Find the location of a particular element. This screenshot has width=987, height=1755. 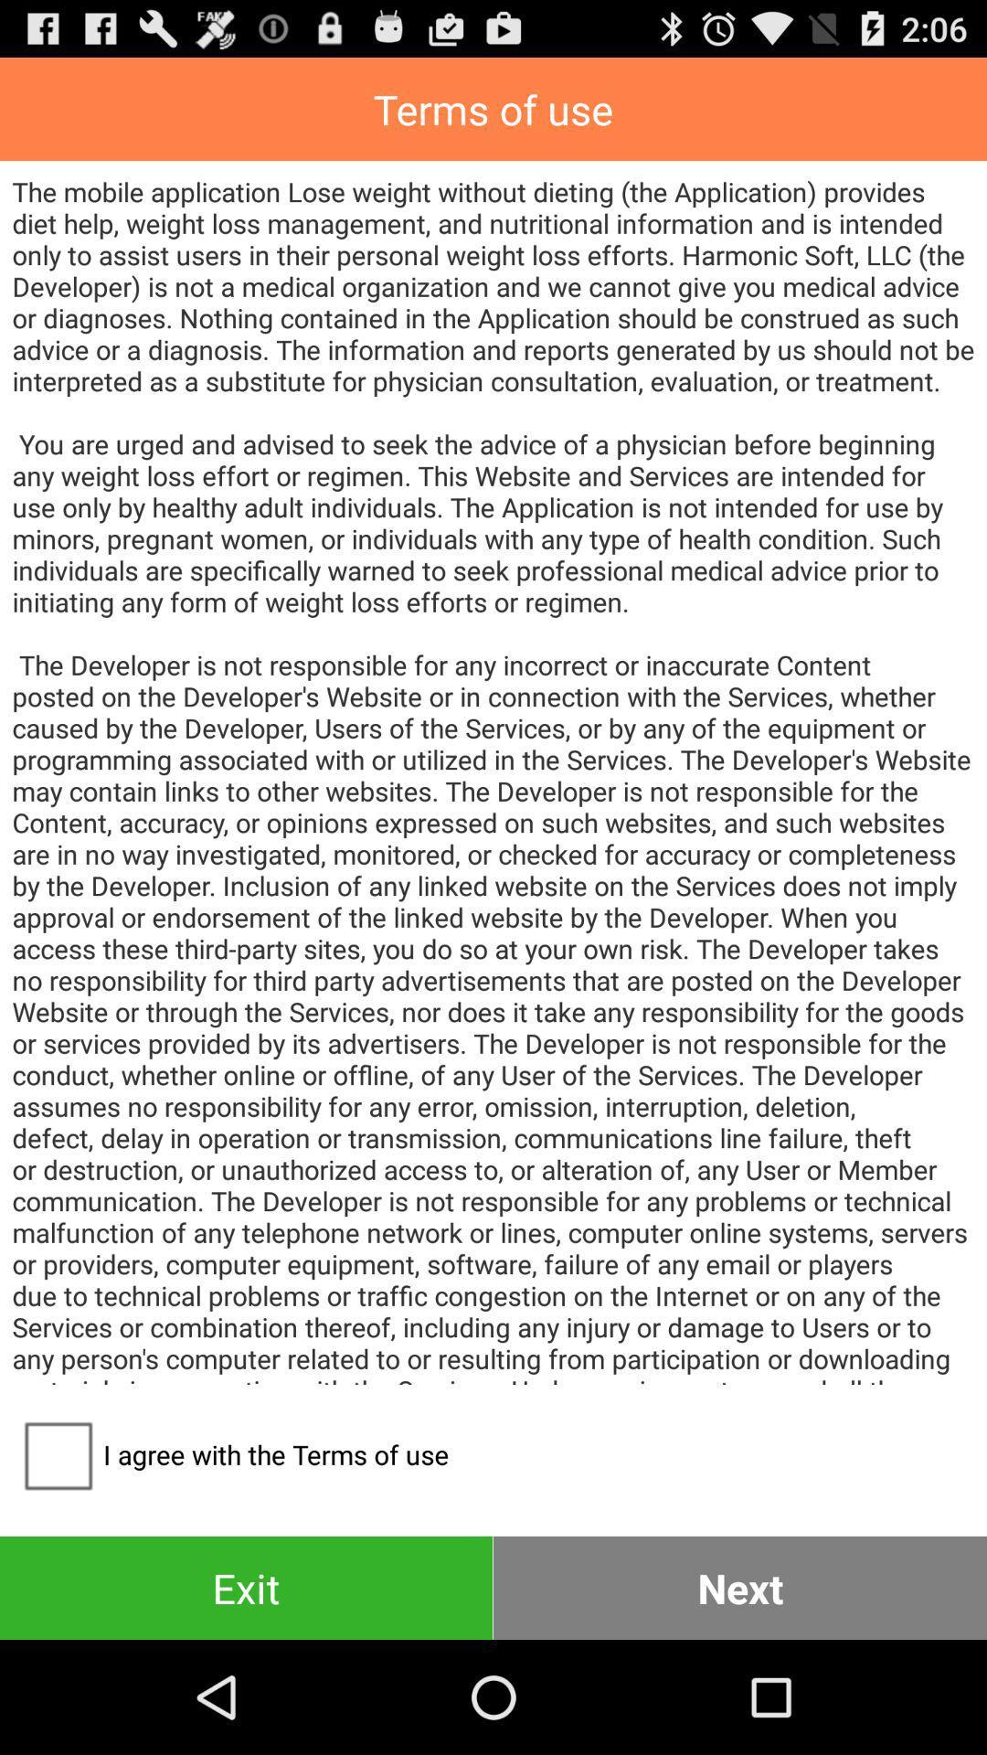

the button next to the exit is located at coordinates (740, 1587).